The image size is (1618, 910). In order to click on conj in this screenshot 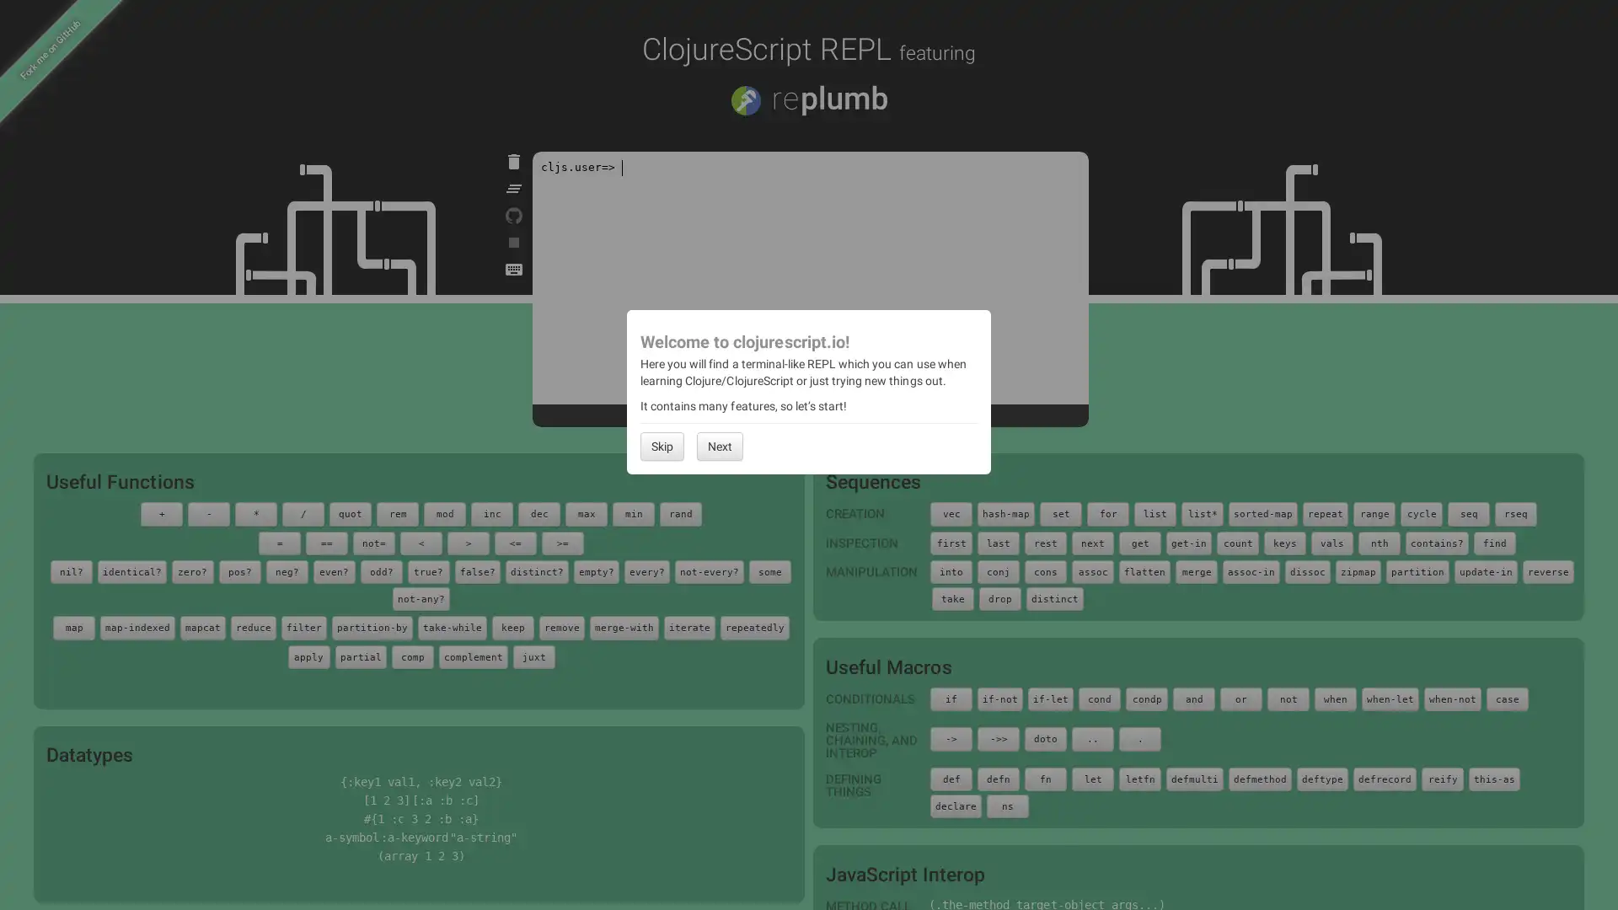, I will do `click(999, 570)`.